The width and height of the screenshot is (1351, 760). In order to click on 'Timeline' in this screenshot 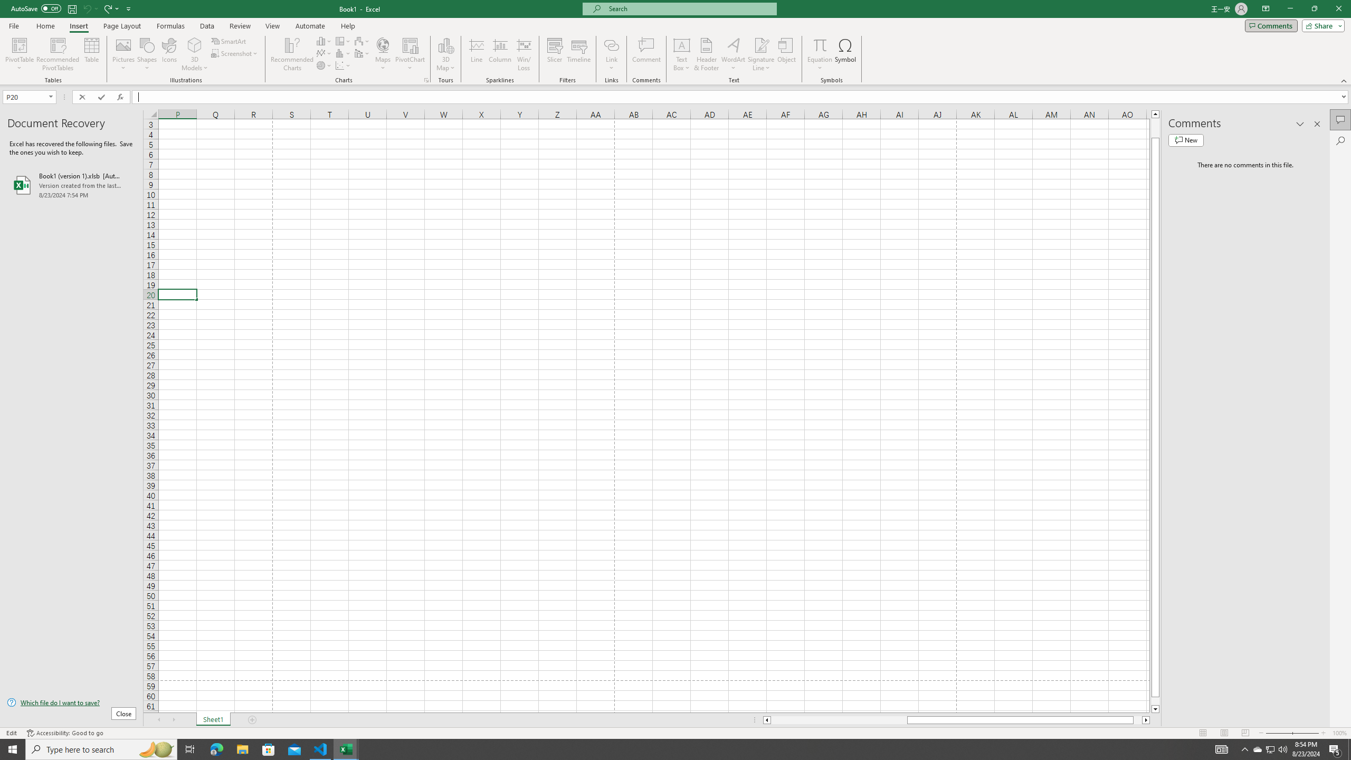, I will do `click(578, 54)`.